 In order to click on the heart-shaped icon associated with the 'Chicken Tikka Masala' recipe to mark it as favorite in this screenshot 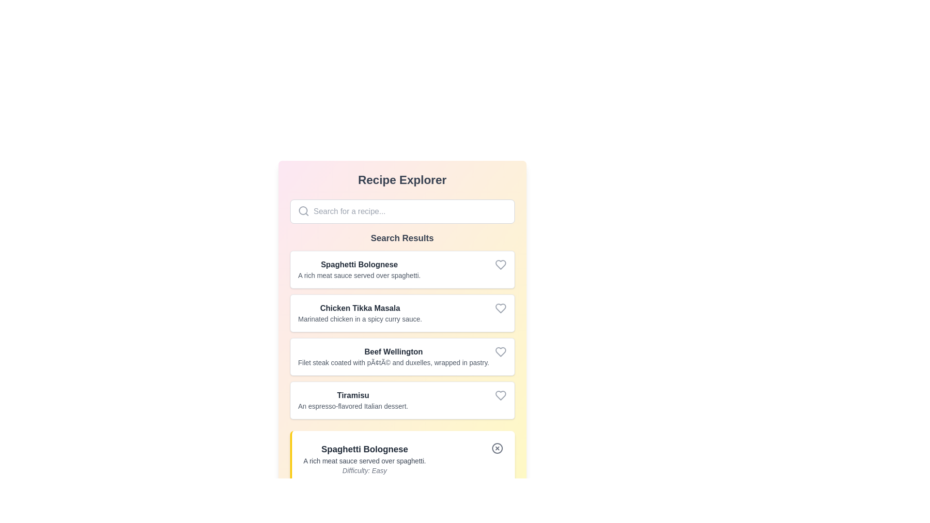, I will do `click(500, 308)`.